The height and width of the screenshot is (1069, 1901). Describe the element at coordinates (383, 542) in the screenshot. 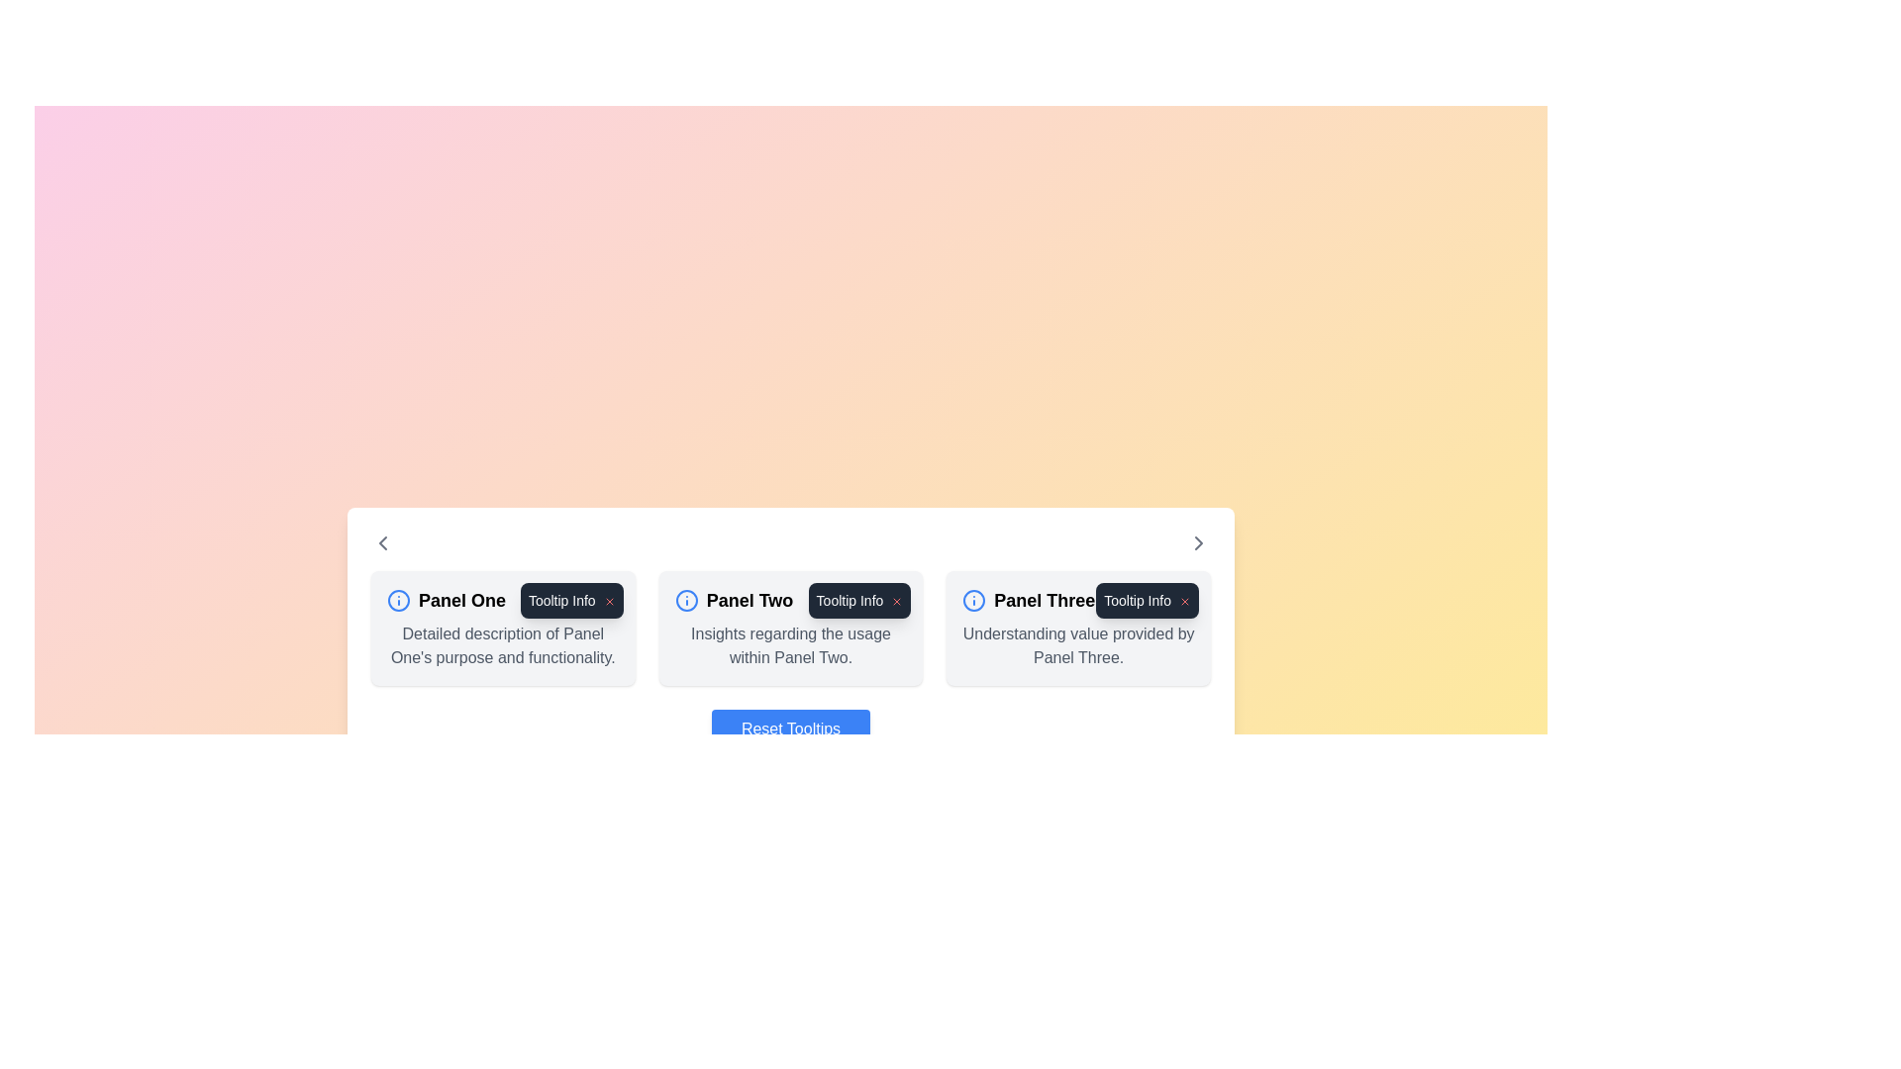

I see `the left-pointing chevron icon button, which is styled in dark gray and shows a hover effect when interacted with` at that location.